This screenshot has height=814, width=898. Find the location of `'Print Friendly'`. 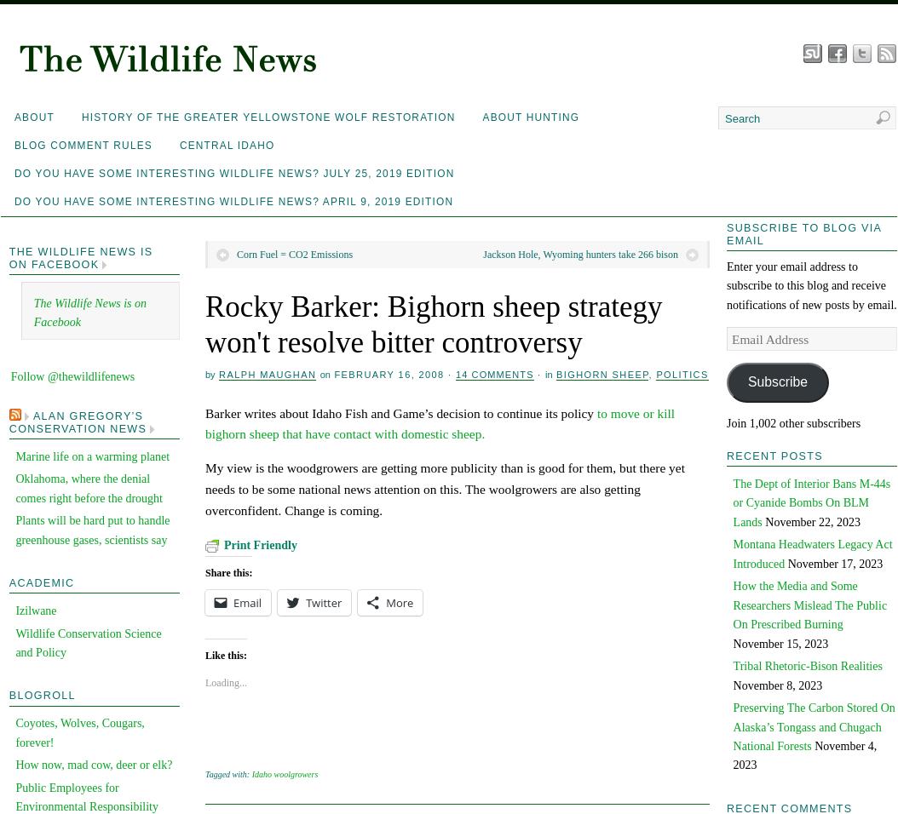

'Print Friendly' is located at coordinates (259, 544).